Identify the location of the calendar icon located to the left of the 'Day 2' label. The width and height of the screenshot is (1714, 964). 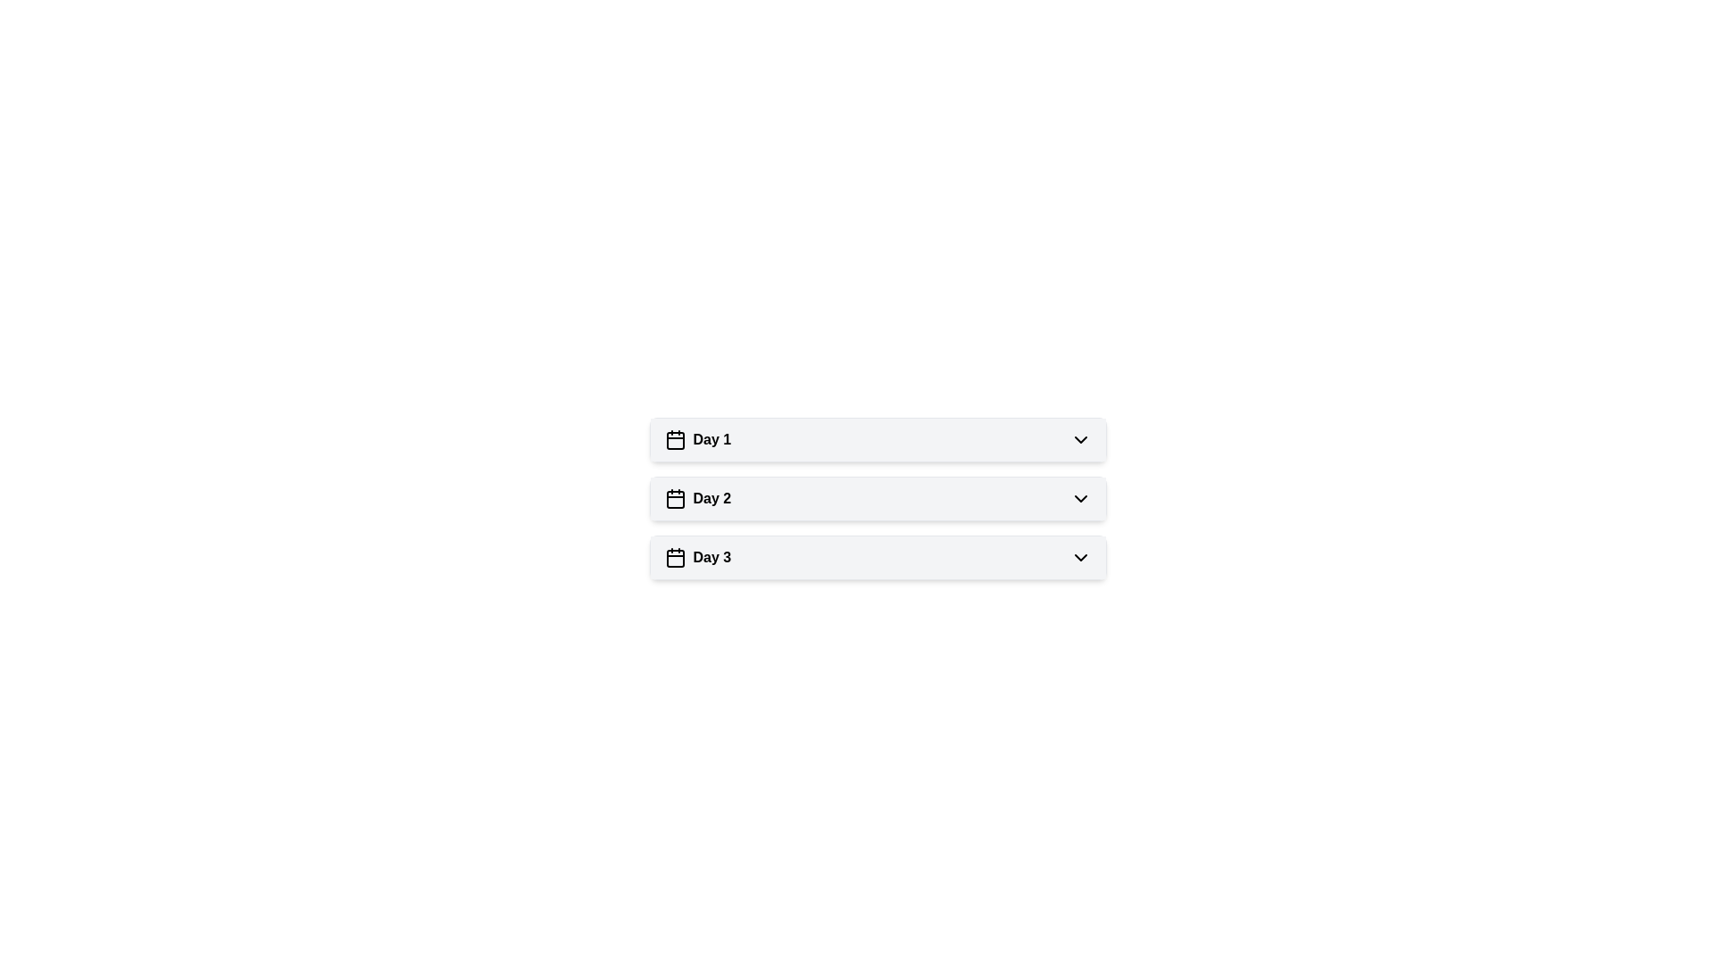
(674, 499).